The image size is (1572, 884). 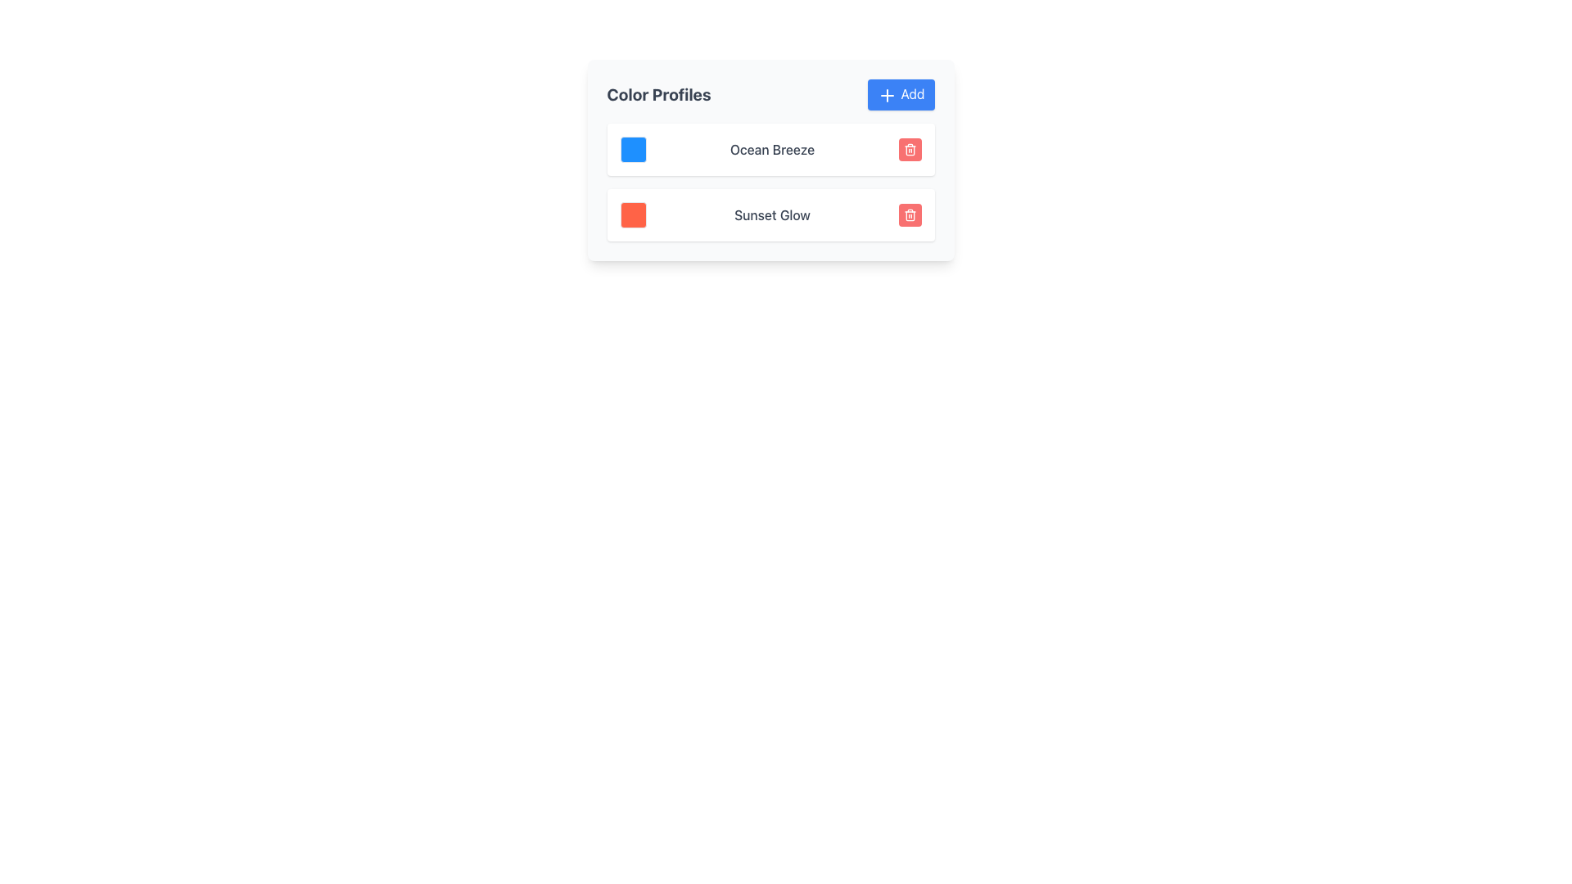 What do you see at coordinates (900, 94) in the screenshot?
I see `the button located in the upper-right corner of the 'Color Profiles' section` at bounding box center [900, 94].